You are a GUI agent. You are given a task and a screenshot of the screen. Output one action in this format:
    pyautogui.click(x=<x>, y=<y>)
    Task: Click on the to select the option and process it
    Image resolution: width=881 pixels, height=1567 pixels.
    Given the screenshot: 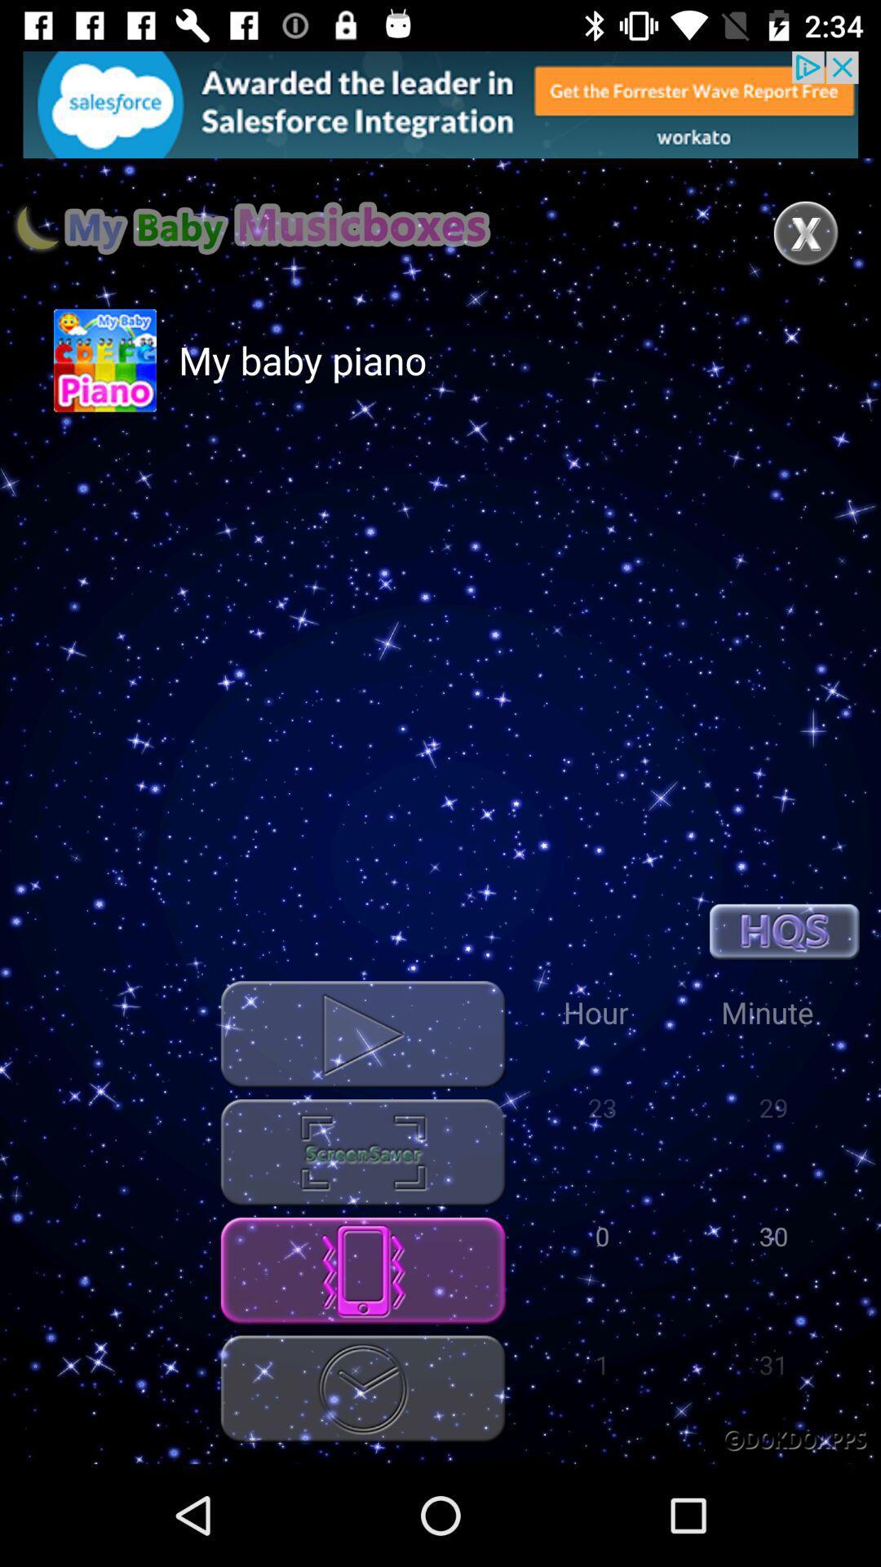 What is the action you would take?
    pyautogui.click(x=362, y=1152)
    